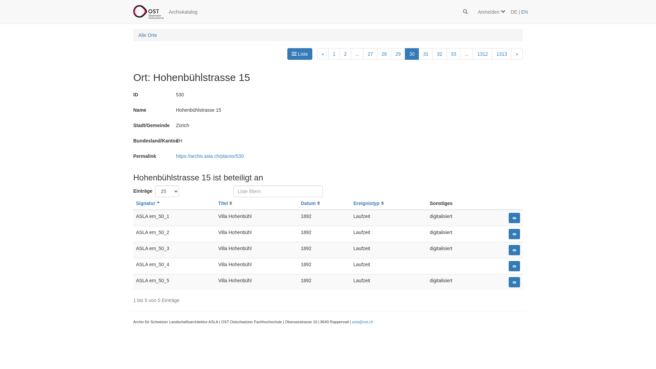  What do you see at coordinates (384, 54) in the screenshot?
I see `'28'` at bounding box center [384, 54].